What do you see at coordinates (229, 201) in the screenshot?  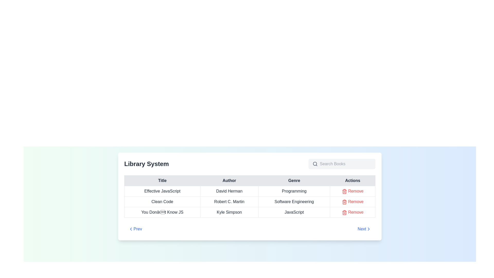 I see `the text label displaying 'Robert C. Martin' in the 'Author' column of the data table for the row titled 'Clean Code'` at bounding box center [229, 201].